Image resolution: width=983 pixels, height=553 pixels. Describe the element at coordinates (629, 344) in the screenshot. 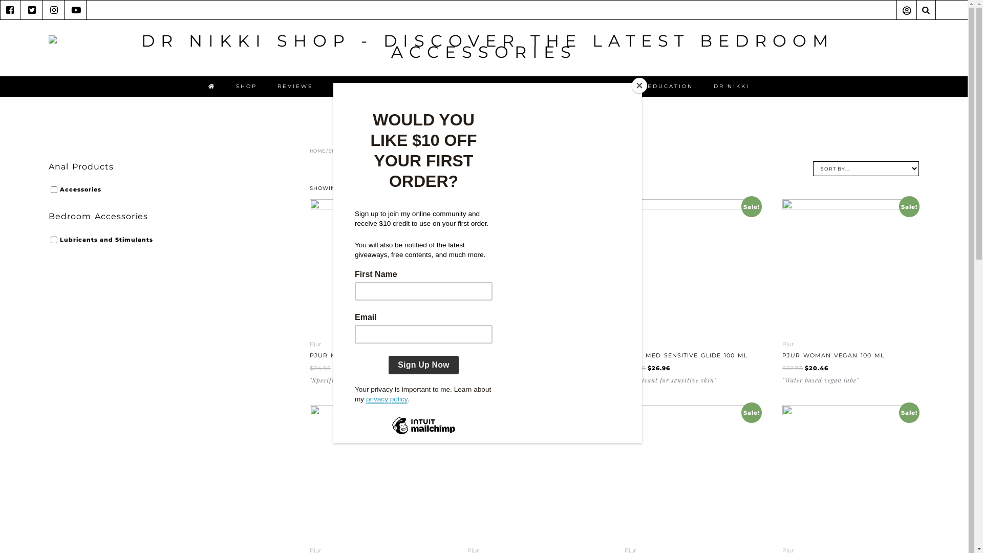

I see `'Pjur'` at that location.